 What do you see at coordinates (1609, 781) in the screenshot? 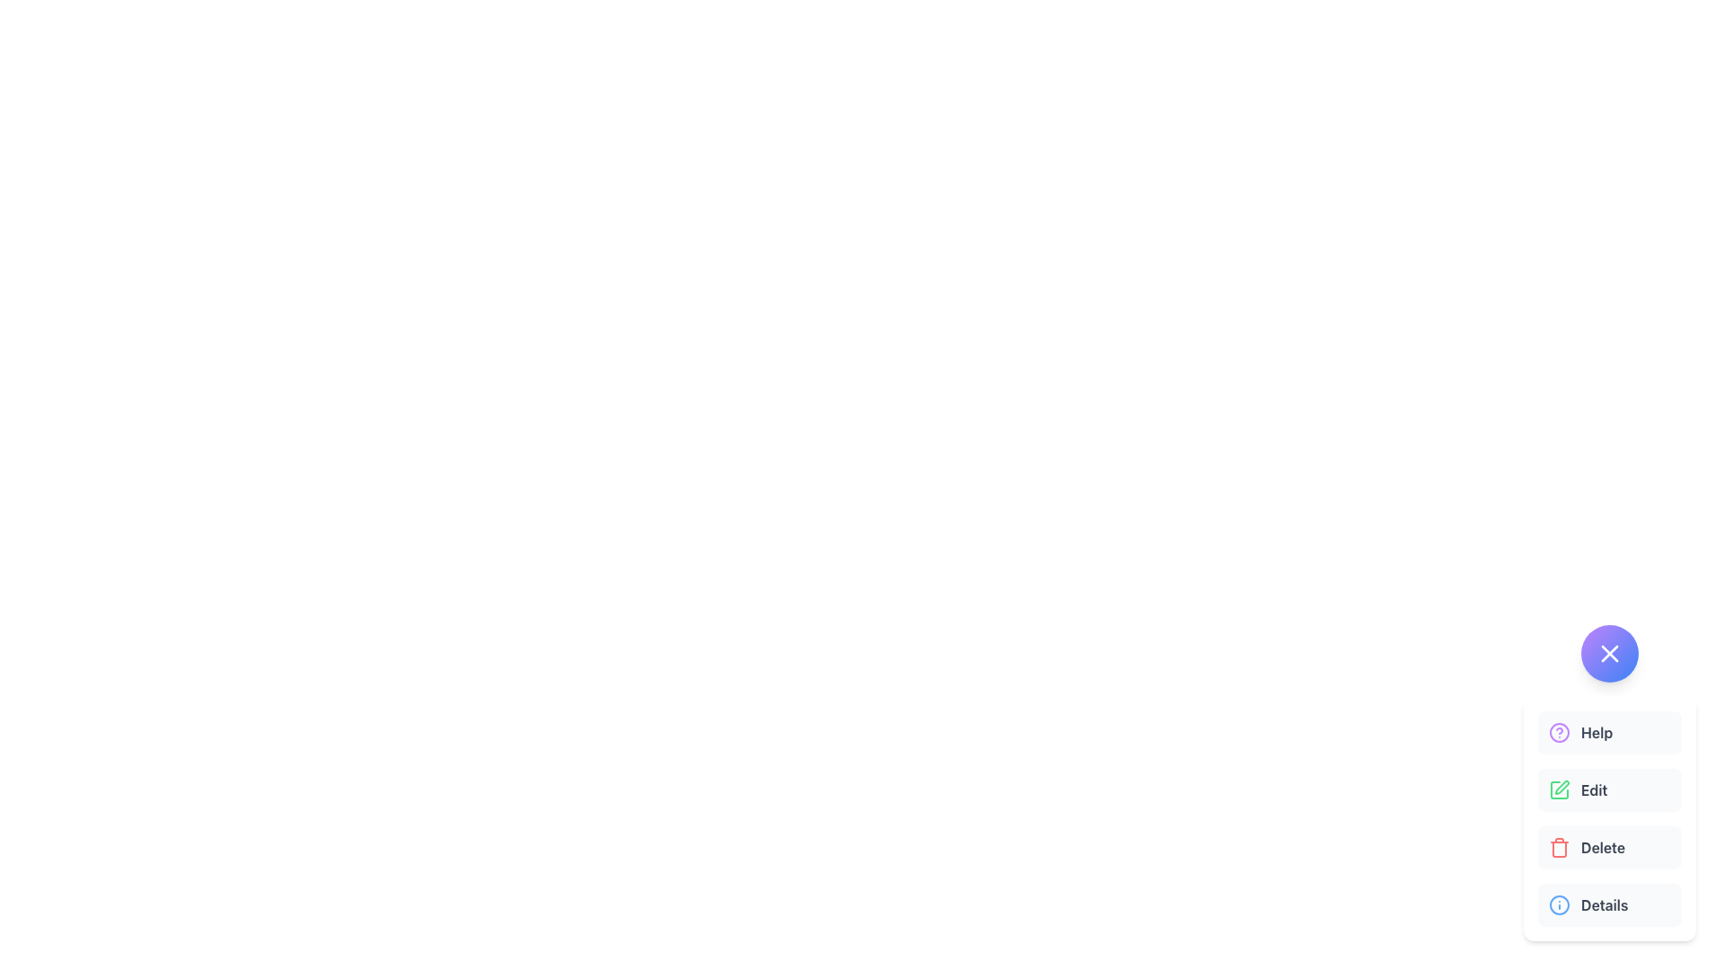
I see `the 'Edit' button in the vertical menu located at the bottom-right corner of the interface` at bounding box center [1609, 781].